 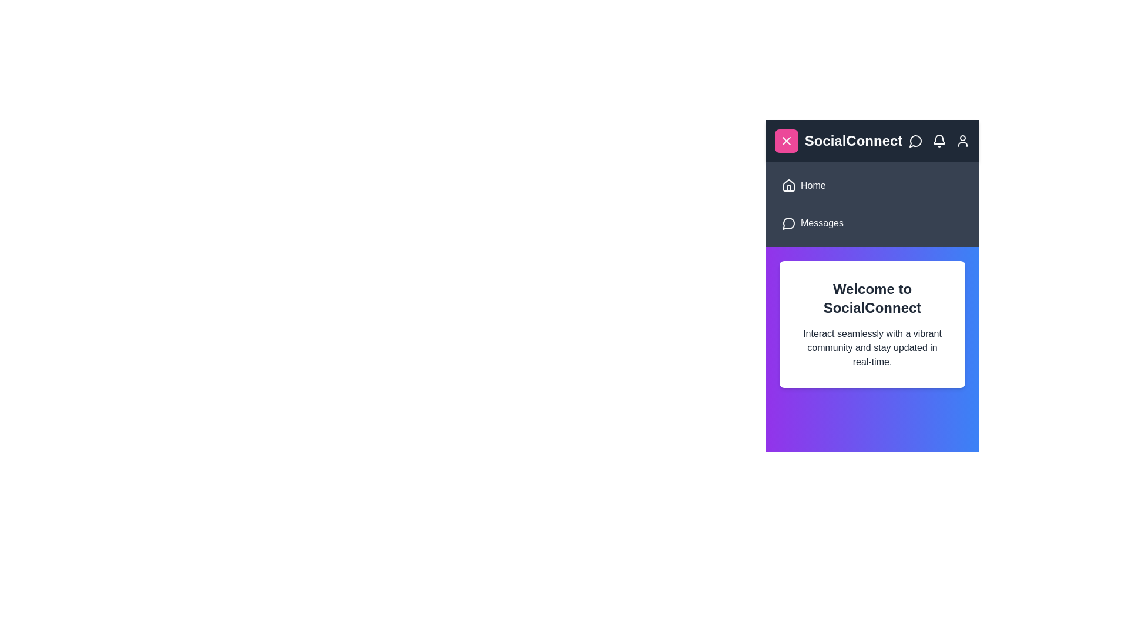 I want to click on the profile icon in the header, so click(x=962, y=140).